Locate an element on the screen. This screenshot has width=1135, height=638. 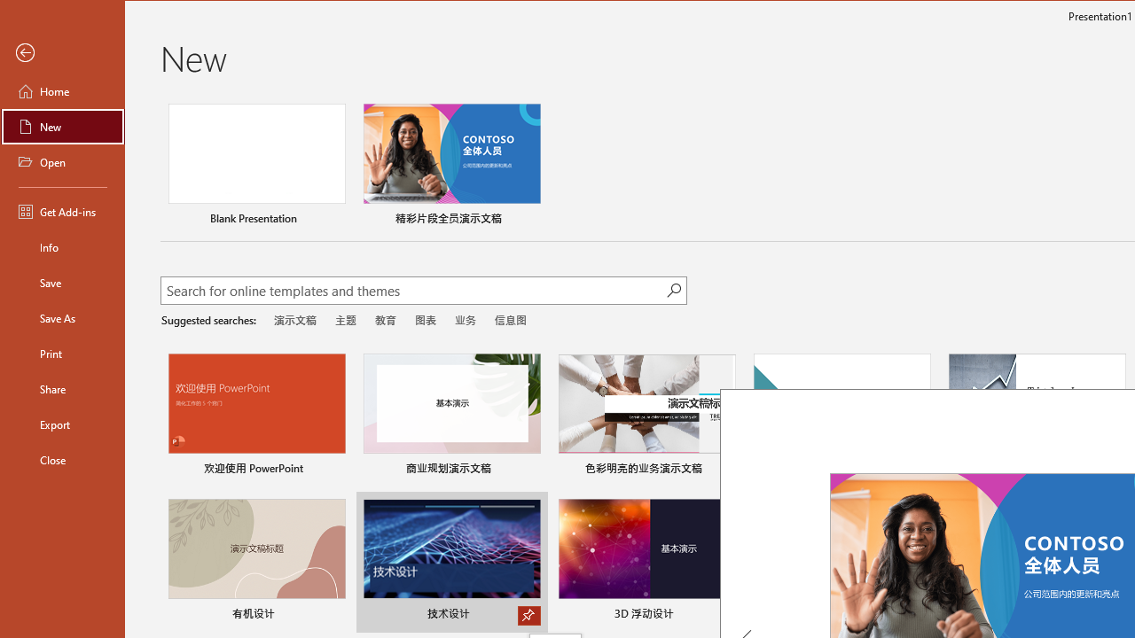
'Blank Presentation' is located at coordinates (255, 167).